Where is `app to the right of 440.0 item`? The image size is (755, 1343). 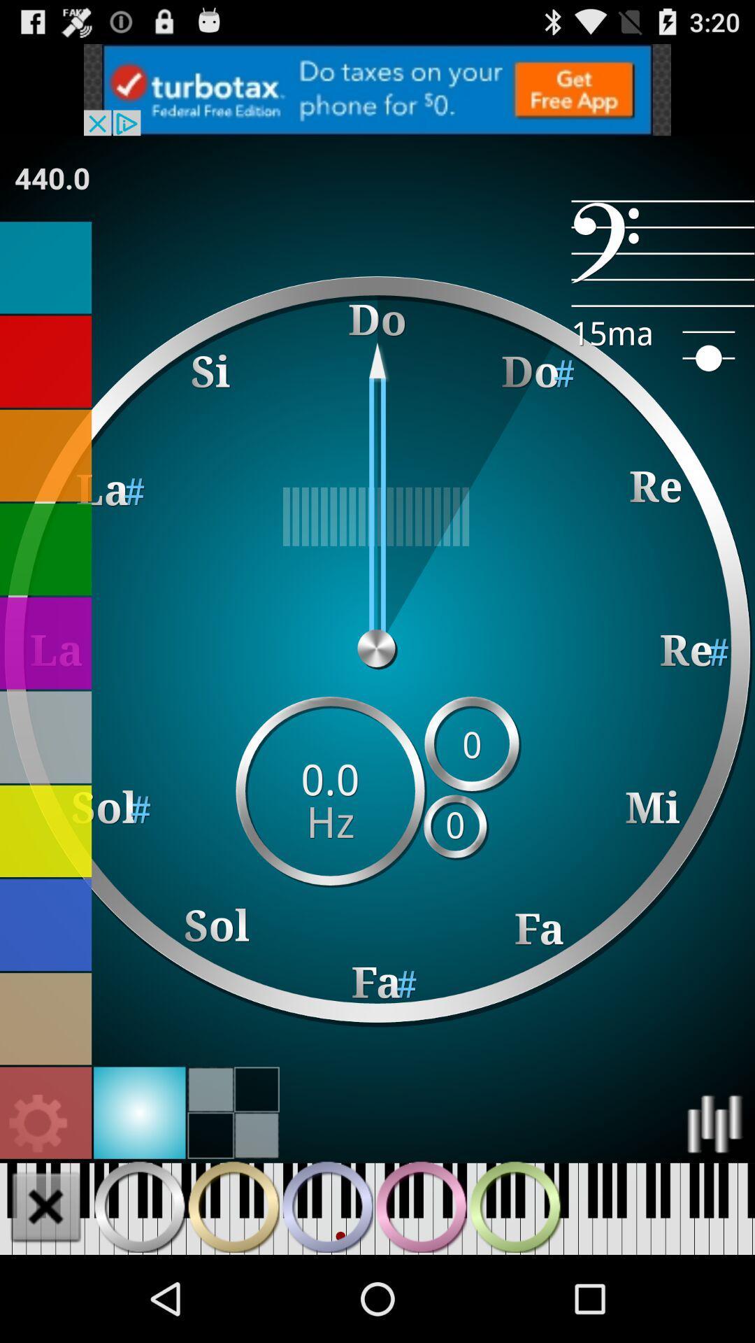
app to the right of 440.0 item is located at coordinates (662, 253).